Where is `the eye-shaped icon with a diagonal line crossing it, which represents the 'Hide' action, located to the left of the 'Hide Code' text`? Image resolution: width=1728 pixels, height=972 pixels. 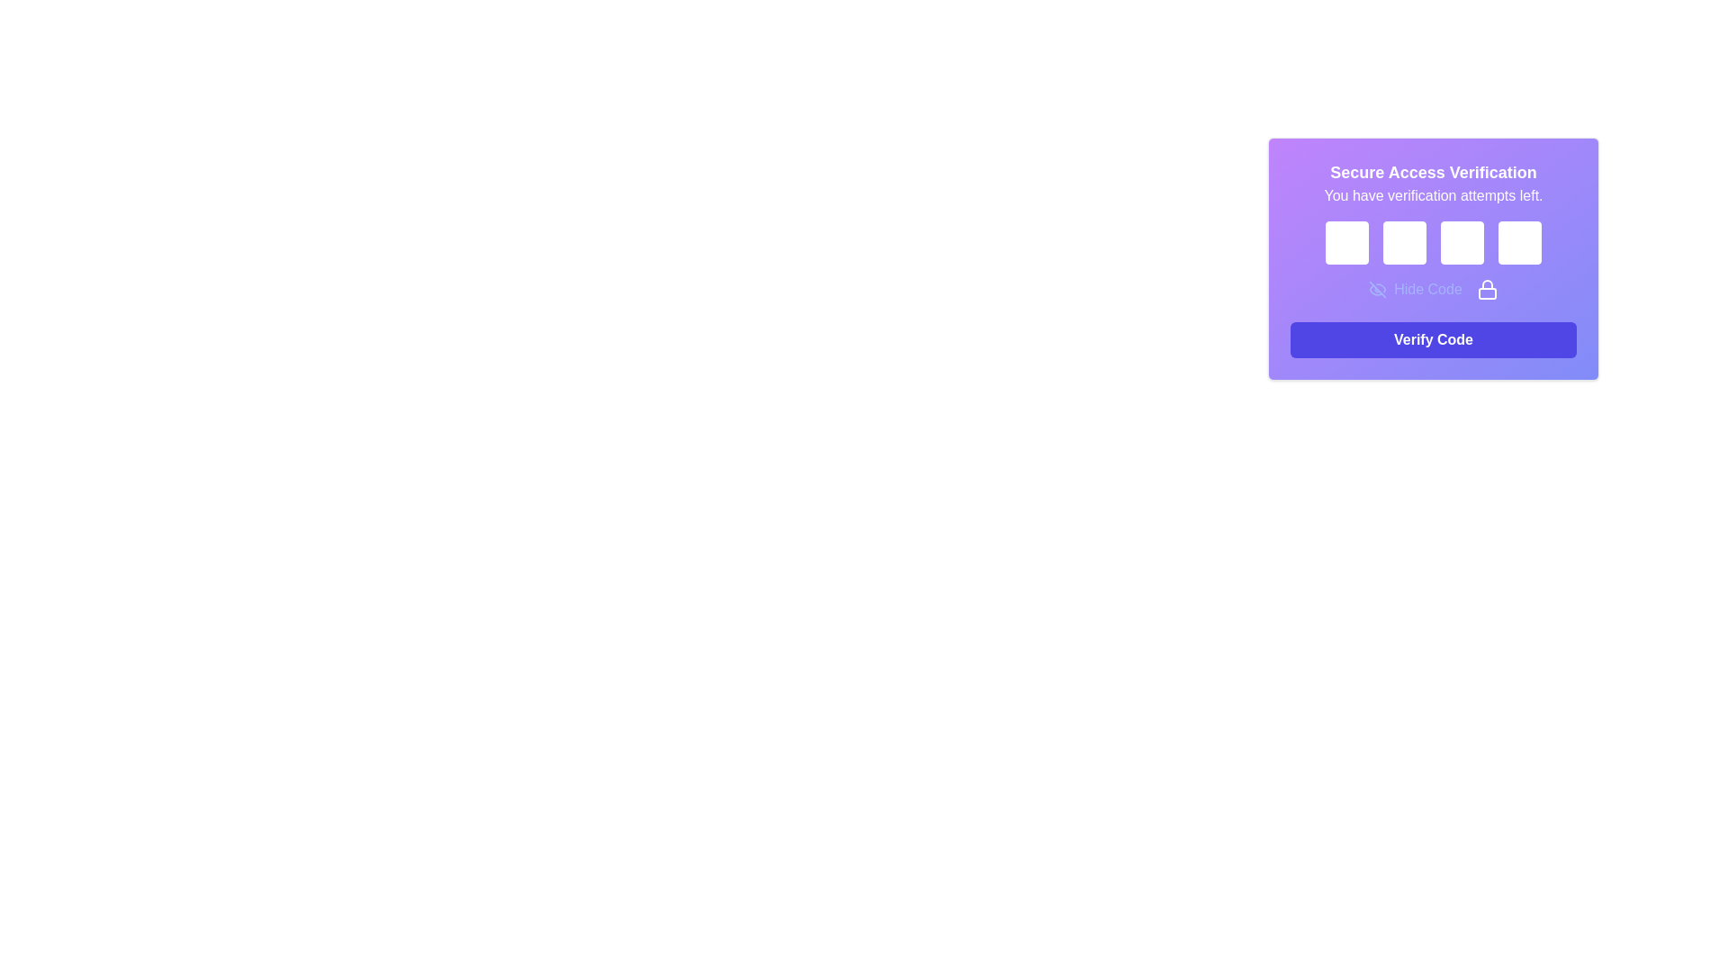 the eye-shaped icon with a diagonal line crossing it, which represents the 'Hide' action, located to the left of the 'Hide Code' text is located at coordinates (1377, 288).